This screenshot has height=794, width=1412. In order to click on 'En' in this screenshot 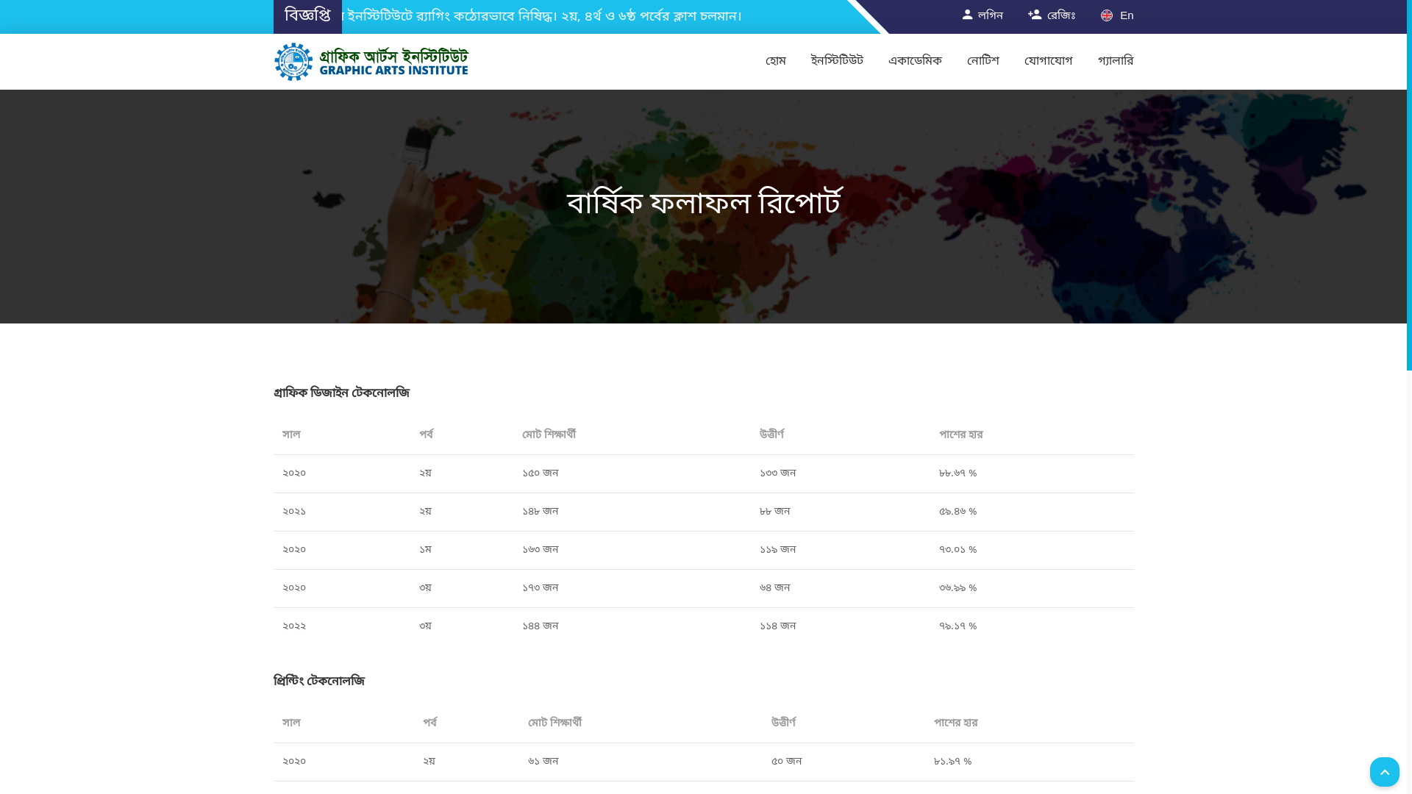, I will do `click(1116, 16)`.